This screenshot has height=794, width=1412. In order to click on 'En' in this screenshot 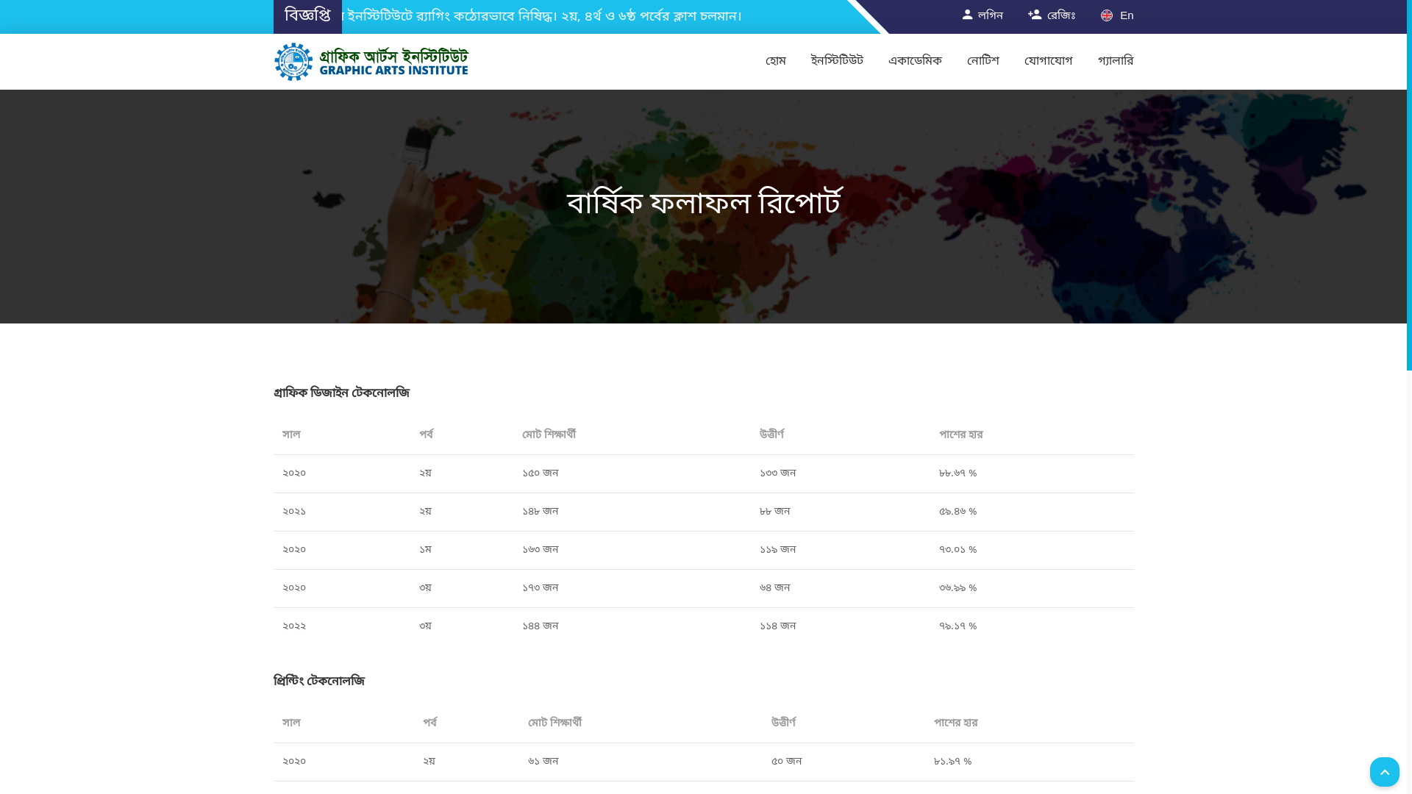, I will do `click(1116, 16)`.